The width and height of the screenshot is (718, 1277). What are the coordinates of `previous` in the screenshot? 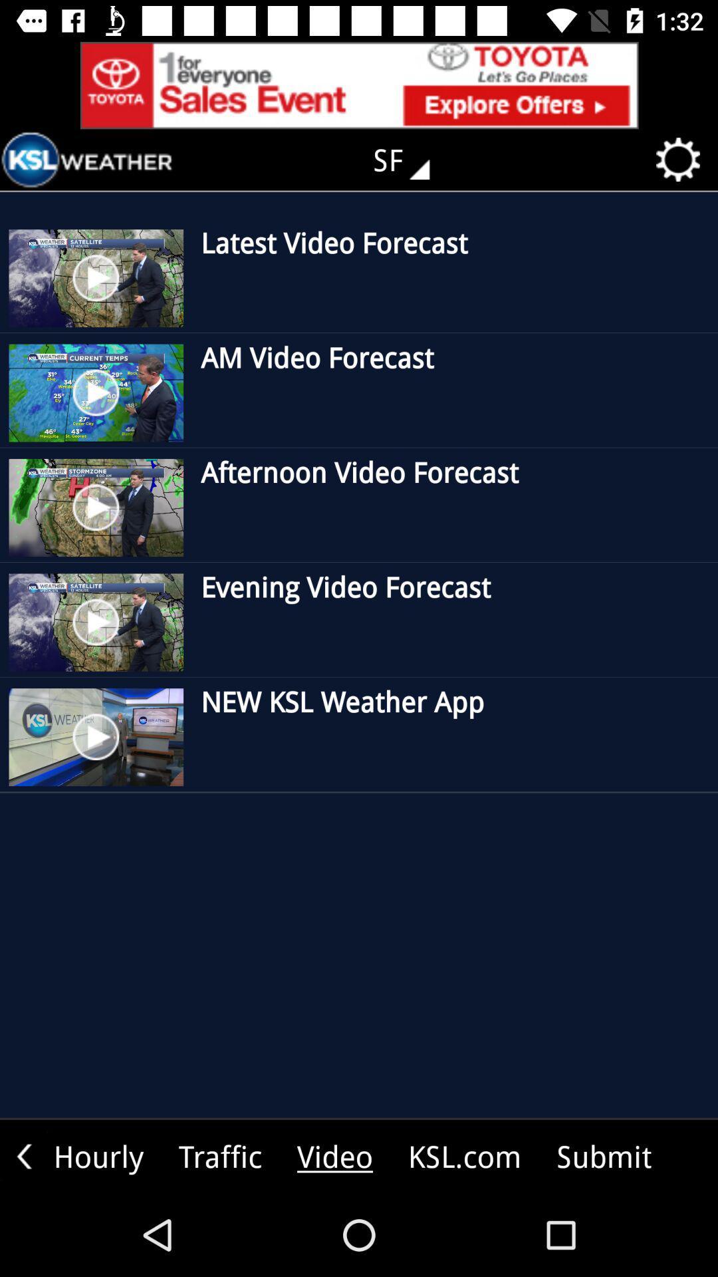 It's located at (24, 1155).